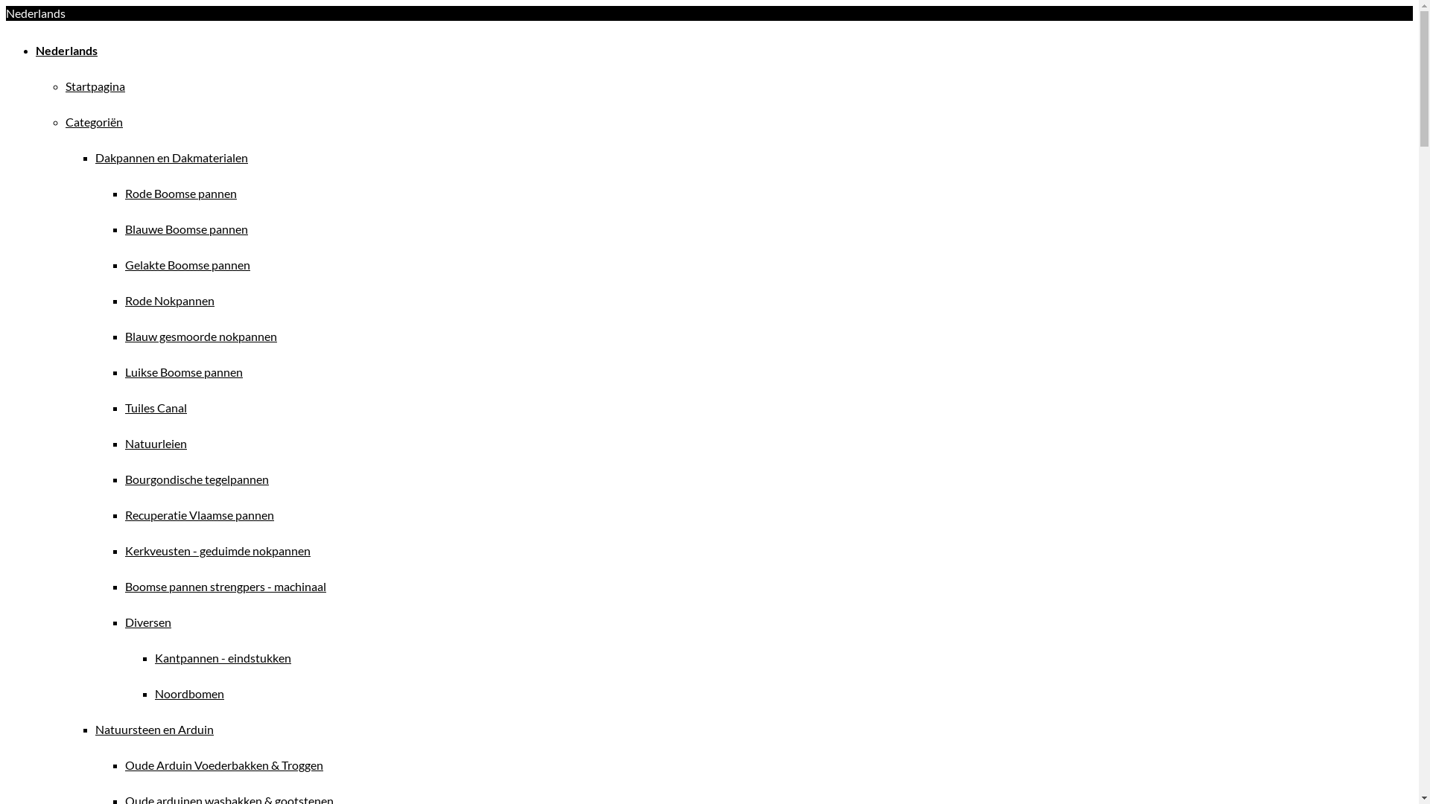  Describe the element at coordinates (64, 86) in the screenshot. I see `'Startpagina'` at that location.